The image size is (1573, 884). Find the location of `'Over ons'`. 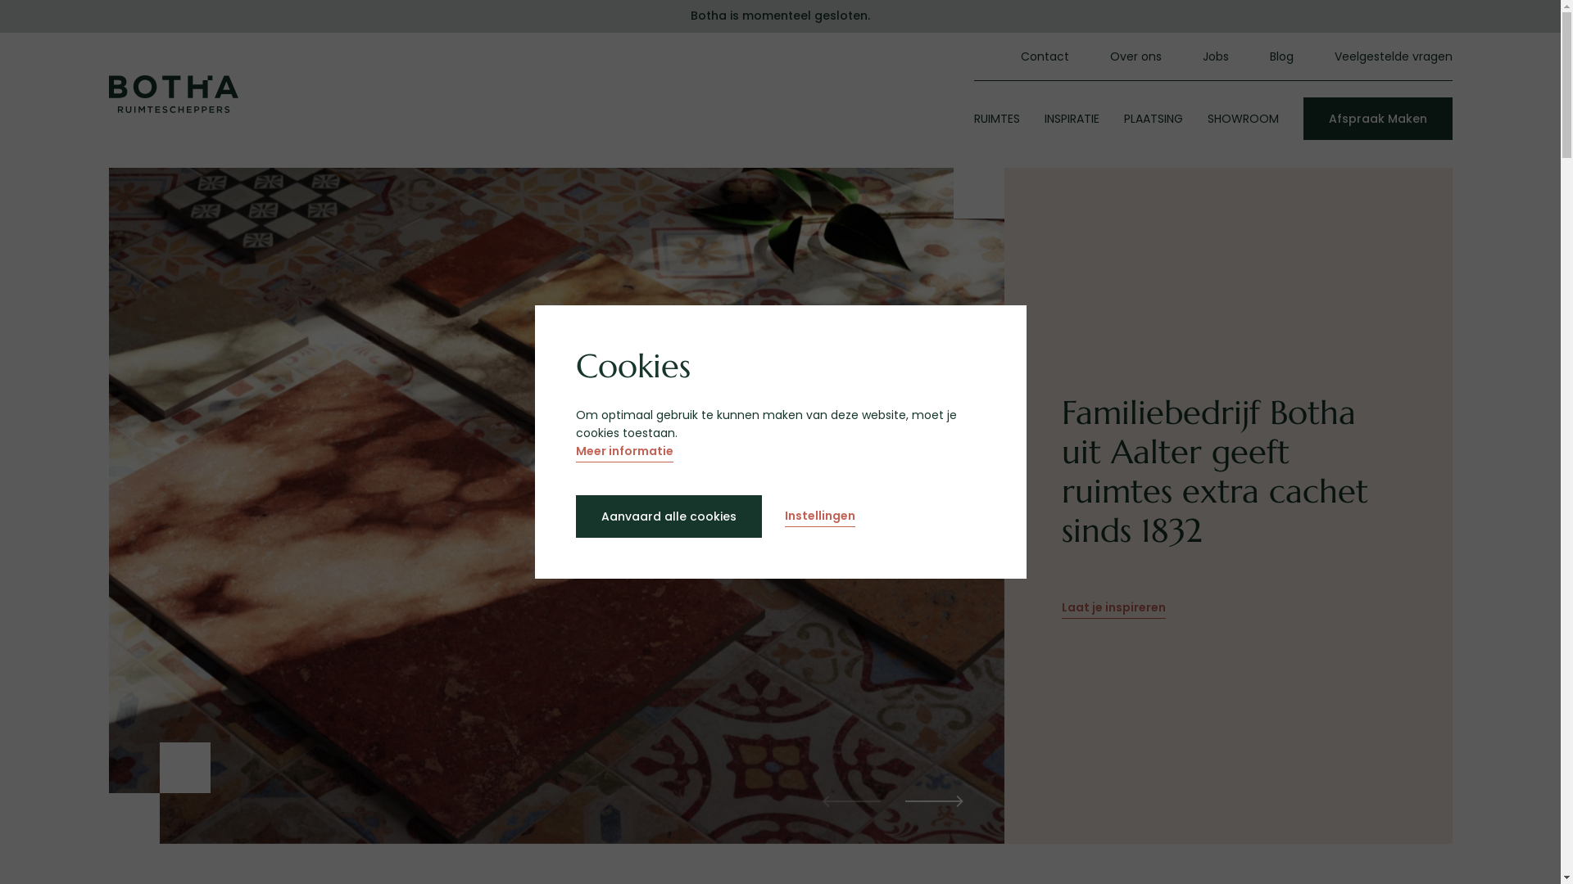

'Over ons' is located at coordinates (1134, 56).